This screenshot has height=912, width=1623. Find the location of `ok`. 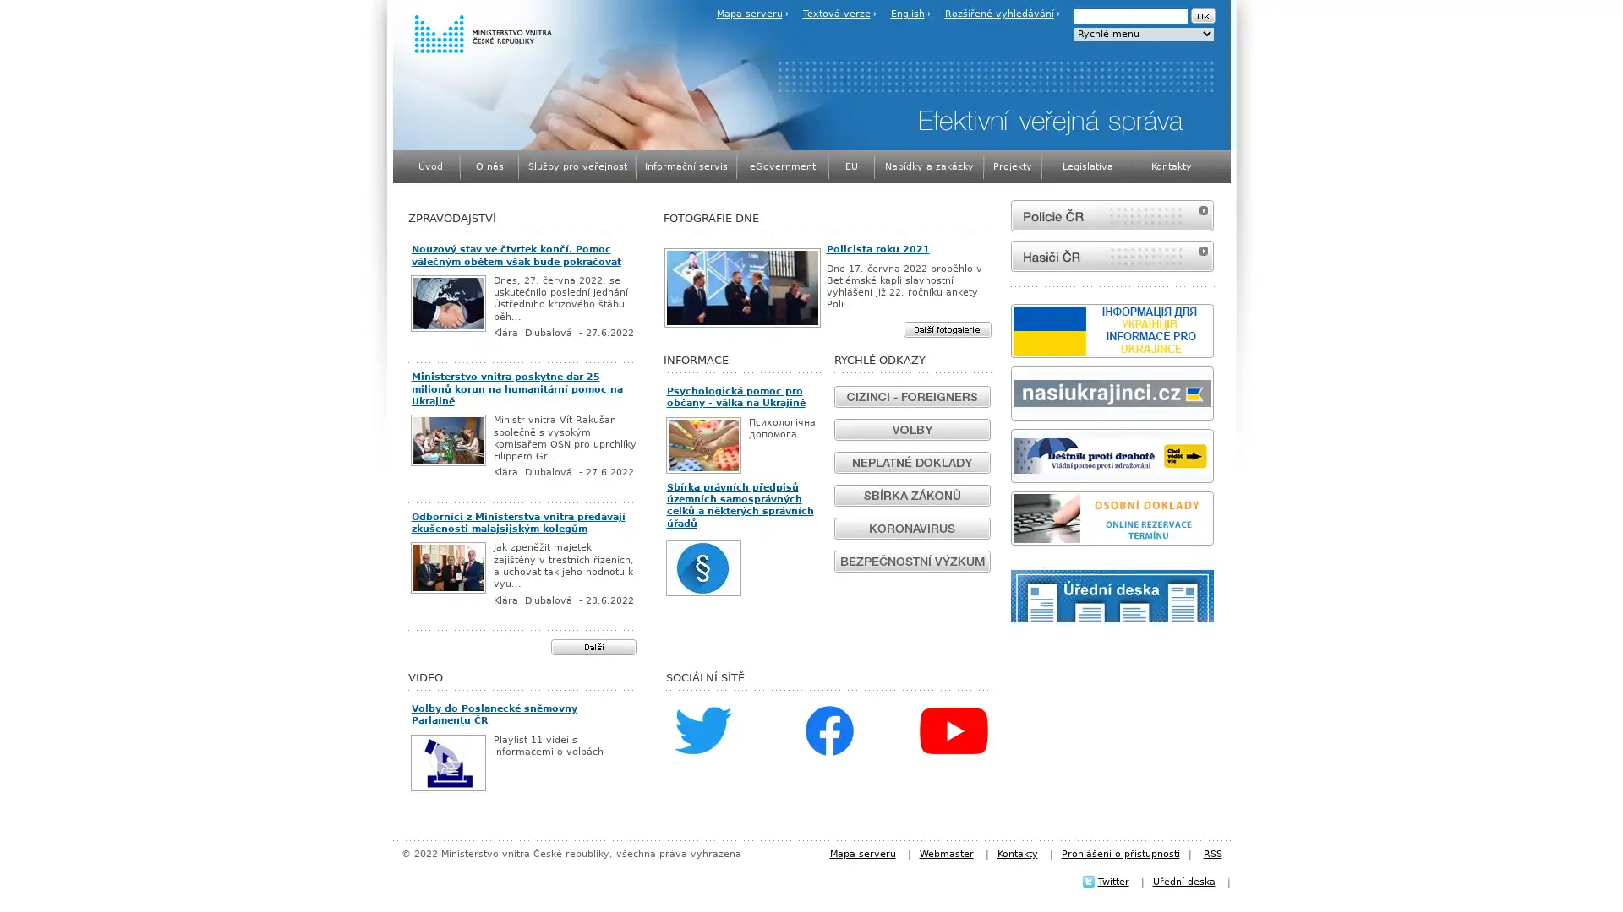

ok is located at coordinates (1201, 16).